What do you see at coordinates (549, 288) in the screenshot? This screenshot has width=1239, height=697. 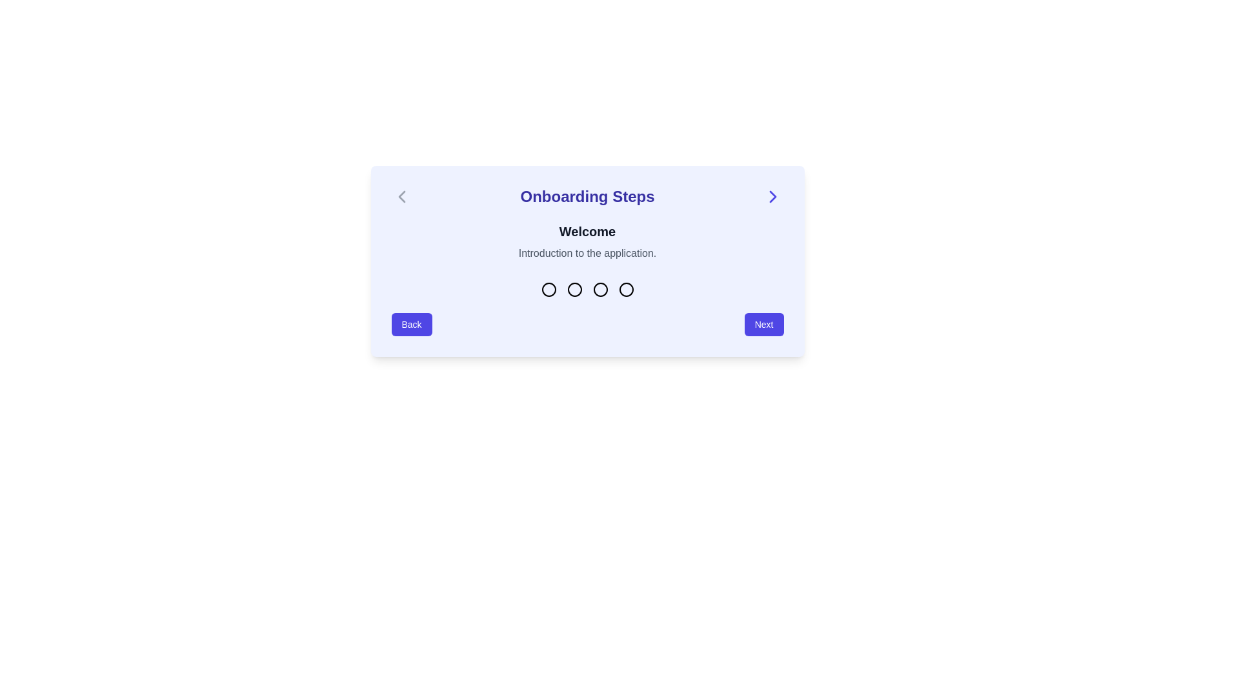 I see `the first circular navigation indicator in the onboarding progress step indicators, located below the 'Onboarding Steps' heading` at bounding box center [549, 288].